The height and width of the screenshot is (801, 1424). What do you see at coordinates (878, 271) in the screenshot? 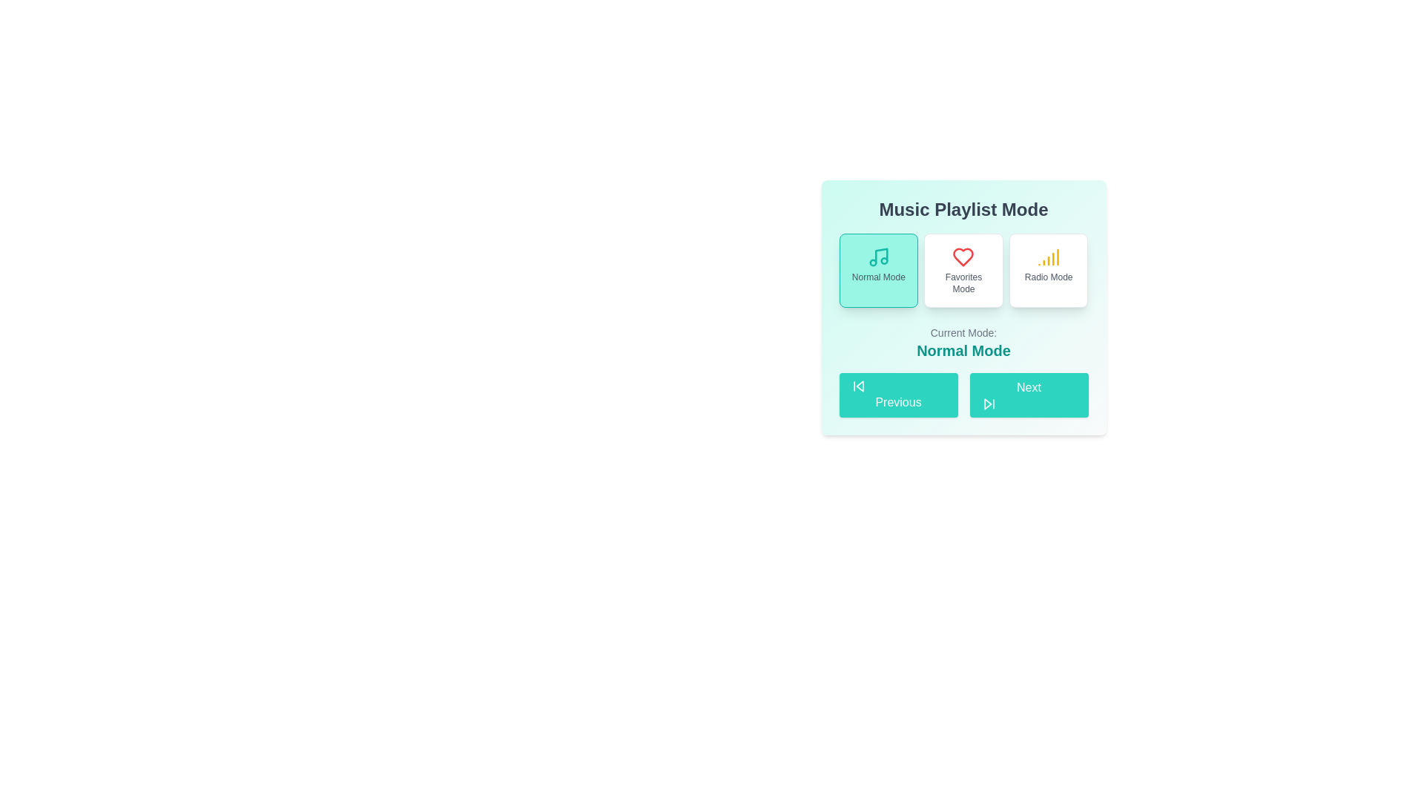
I see `the button corresponding to the playlist mode 'Normal Mode'` at bounding box center [878, 271].